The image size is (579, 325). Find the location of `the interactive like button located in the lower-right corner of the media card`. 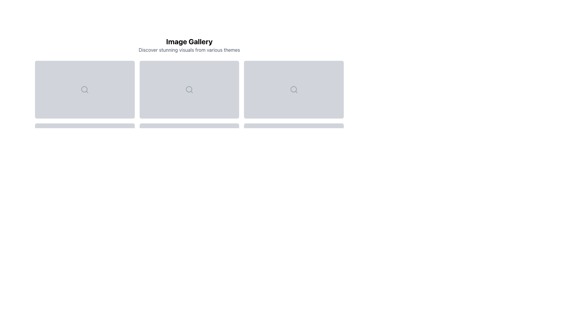

the interactive like button located in the lower-right corner of the media card is located at coordinates (123, 107).